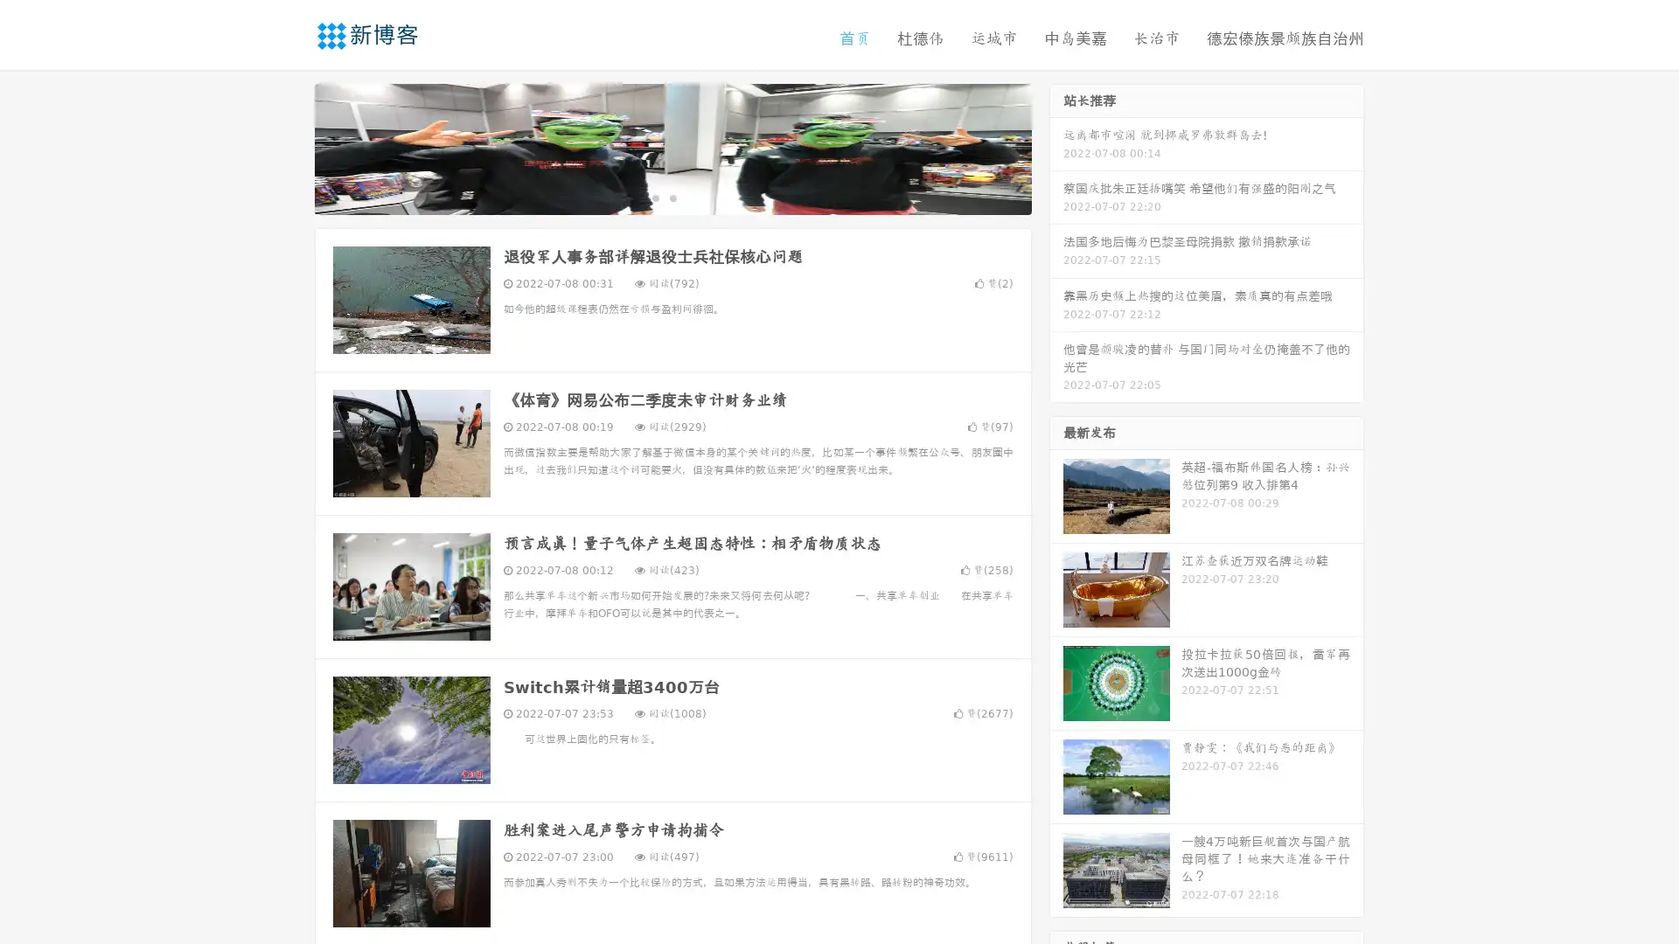 The image size is (1679, 944). I want to click on Next slide, so click(1056, 147).